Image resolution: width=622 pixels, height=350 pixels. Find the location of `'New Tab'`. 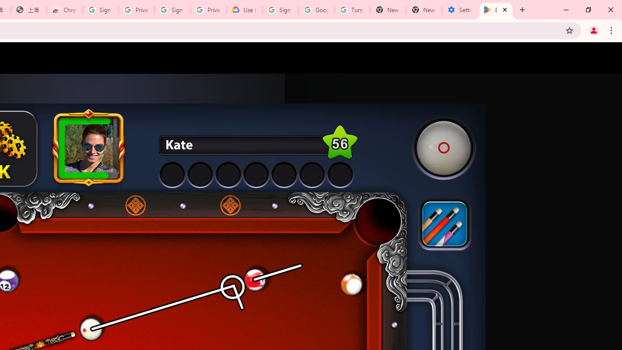

'New Tab' is located at coordinates (424, 10).